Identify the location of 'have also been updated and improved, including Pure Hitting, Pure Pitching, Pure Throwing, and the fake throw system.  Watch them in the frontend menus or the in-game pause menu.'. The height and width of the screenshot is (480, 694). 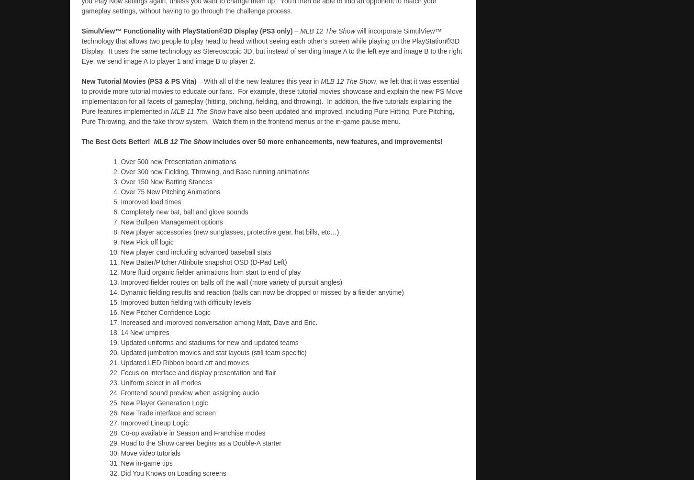
(80, 116).